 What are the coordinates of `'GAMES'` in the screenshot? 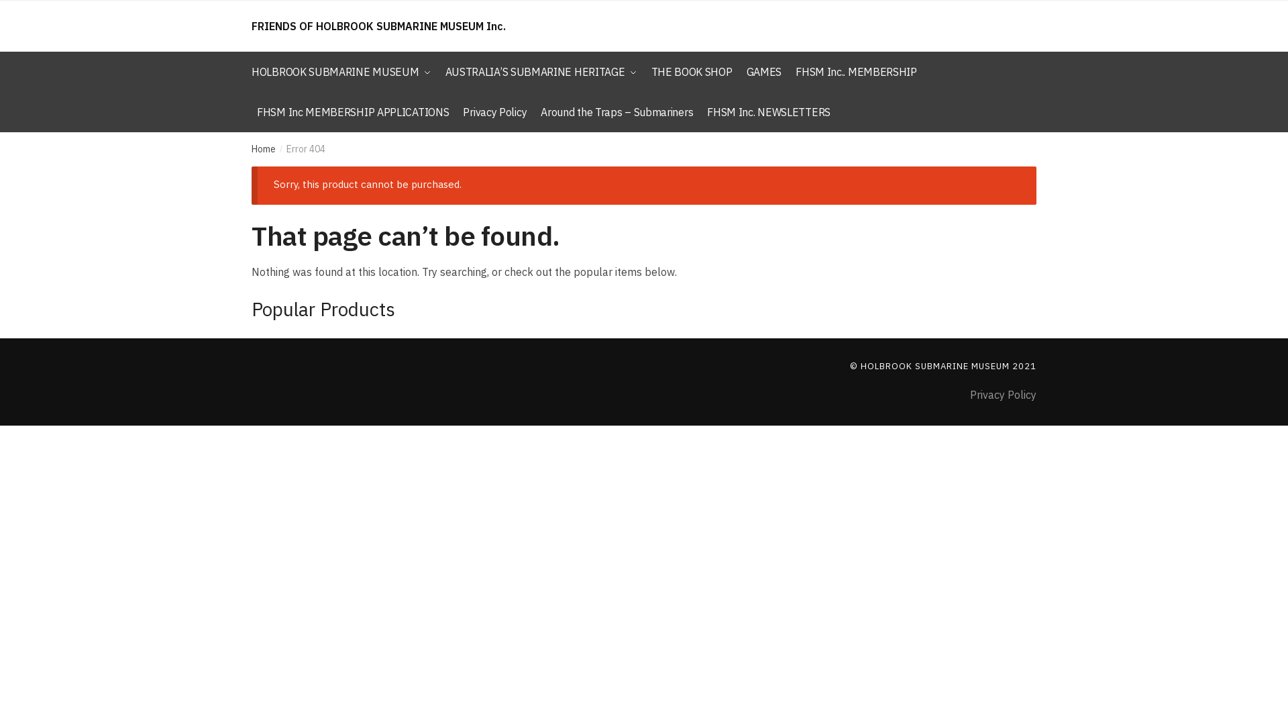 It's located at (764, 72).